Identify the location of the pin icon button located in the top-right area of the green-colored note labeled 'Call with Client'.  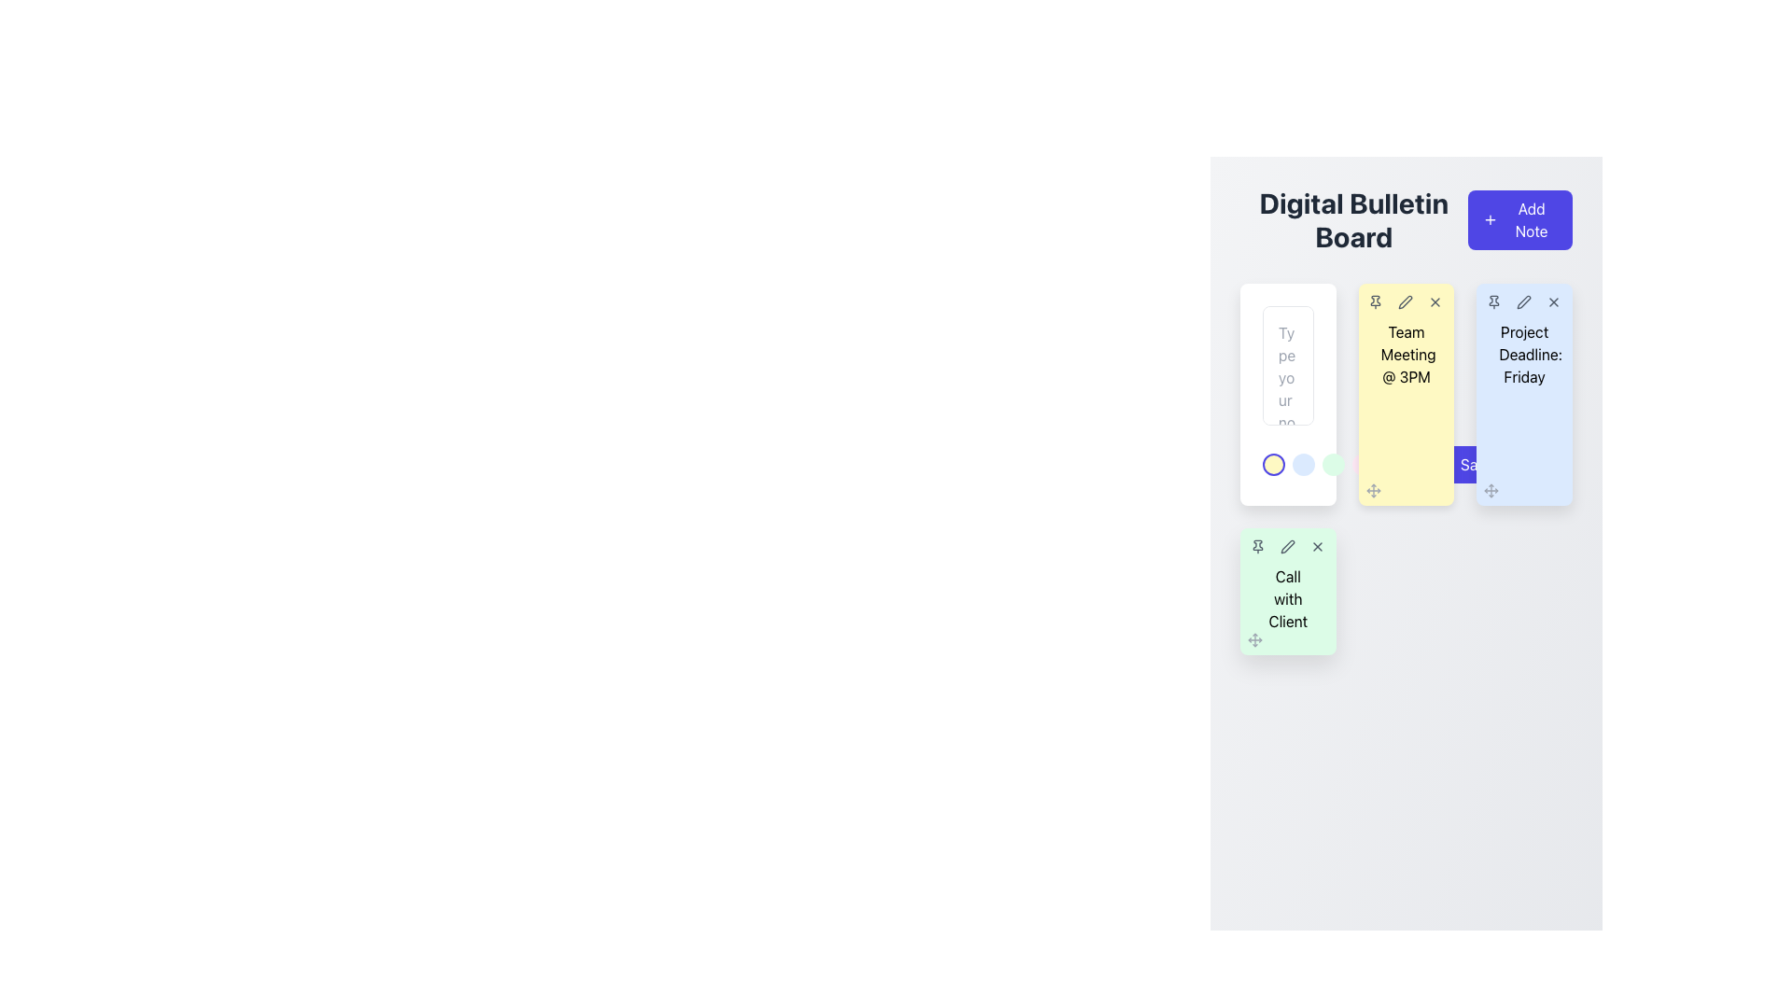
(1257, 546).